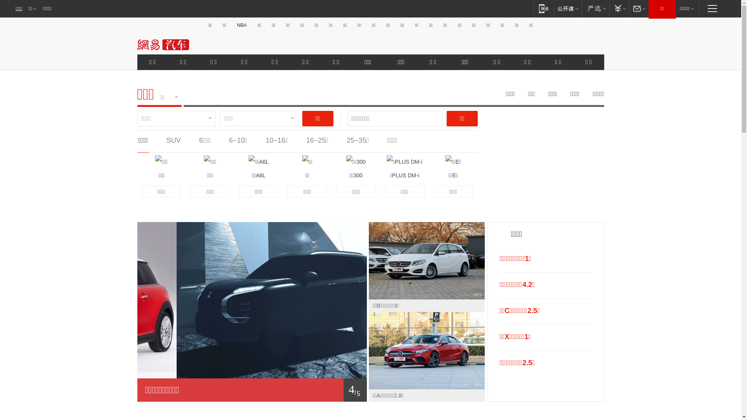 The width and height of the screenshot is (747, 420). Describe the element at coordinates (252, 390) in the screenshot. I see `'1/ 5'` at that location.